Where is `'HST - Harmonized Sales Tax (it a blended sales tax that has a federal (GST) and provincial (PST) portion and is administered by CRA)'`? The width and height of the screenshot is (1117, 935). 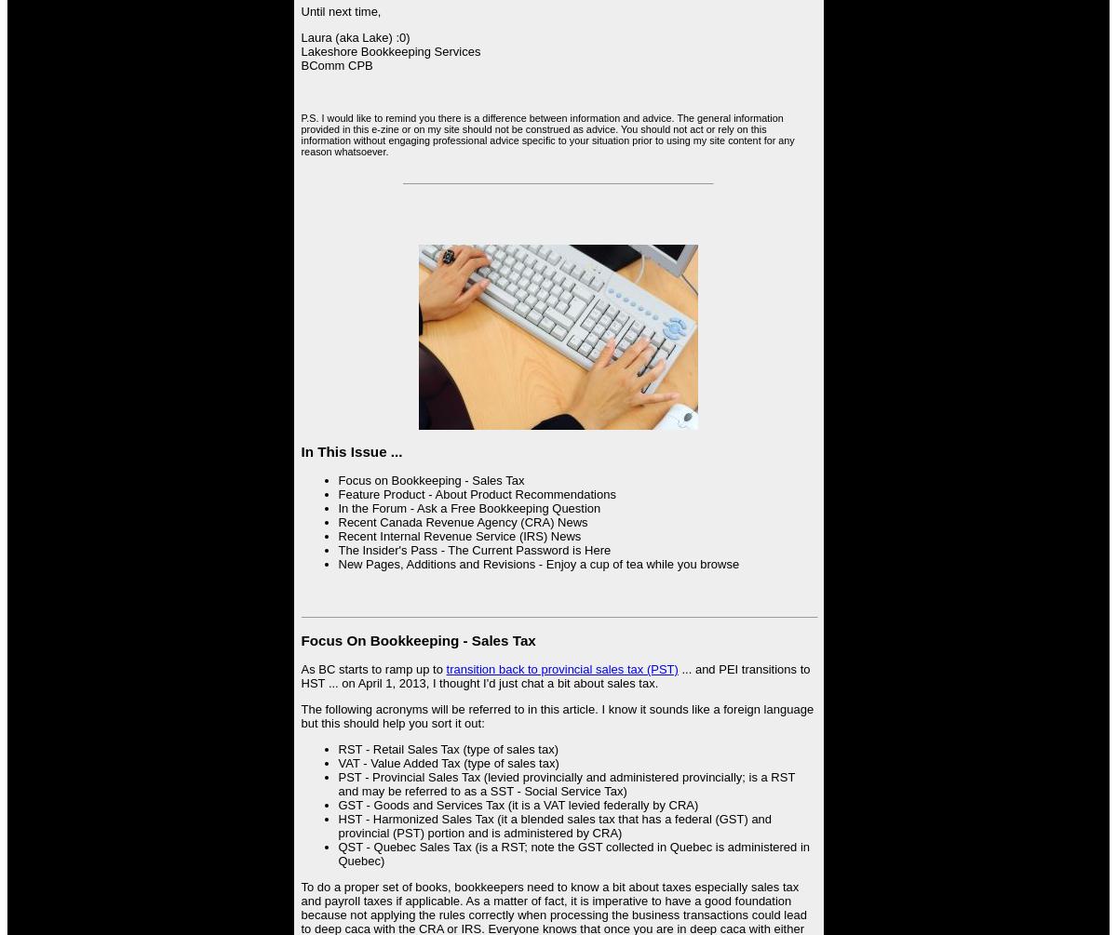
'HST - Harmonized Sales Tax (it a blended sales tax that has a federal (GST) and provincial (PST) portion and is administered by CRA)' is located at coordinates (554, 824).